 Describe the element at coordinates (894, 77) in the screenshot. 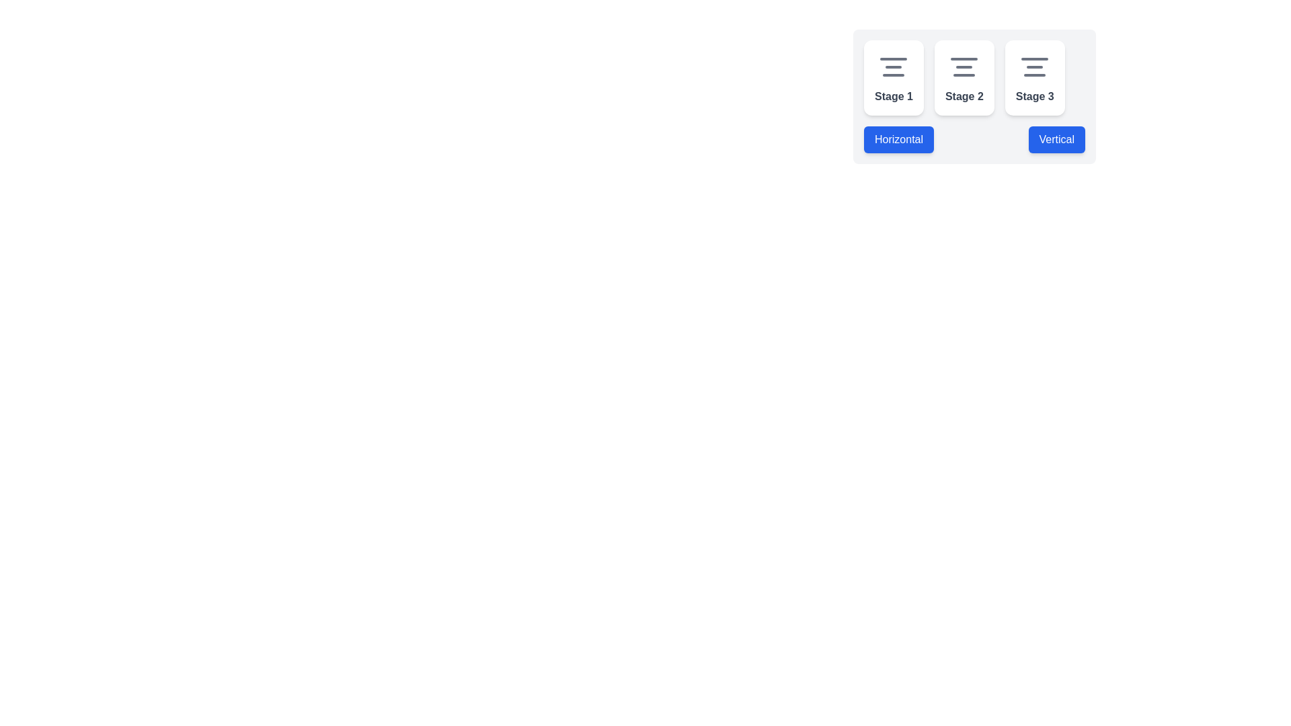

I see `the first Card component with rounded corners, containing the text 'Stage 1' in bold font and an icon of three horizontal lines above it` at that location.